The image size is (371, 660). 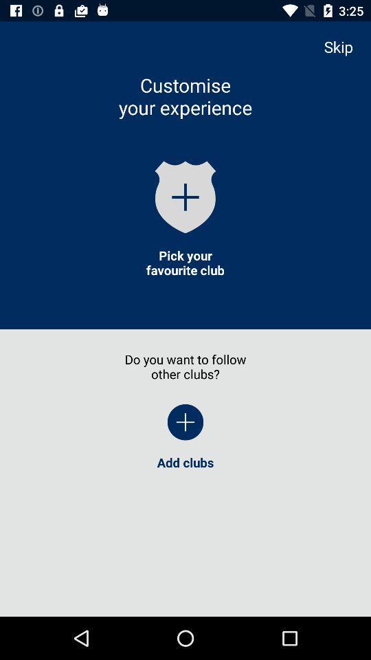 What do you see at coordinates (344, 47) in the screenshot?
I see `skip app` at bounding box center [344, 47].